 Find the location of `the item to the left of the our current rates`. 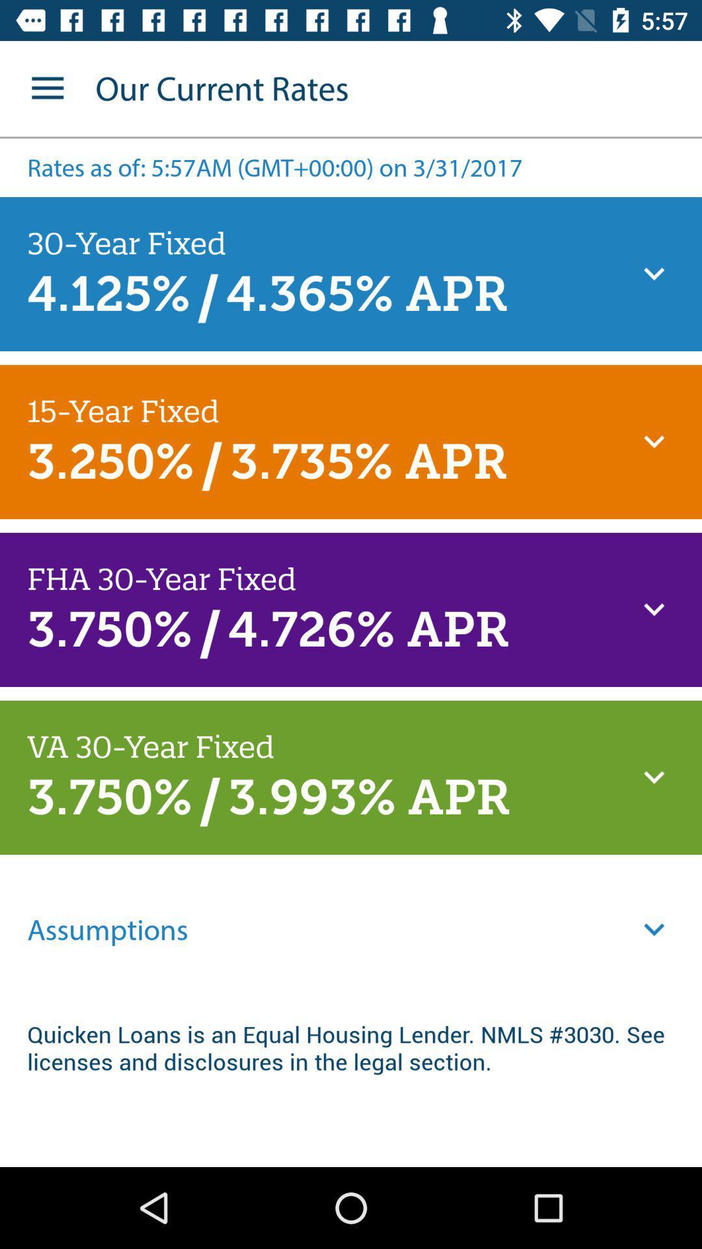

the item to the left of the our current rates is located at coordinates (47, 88).